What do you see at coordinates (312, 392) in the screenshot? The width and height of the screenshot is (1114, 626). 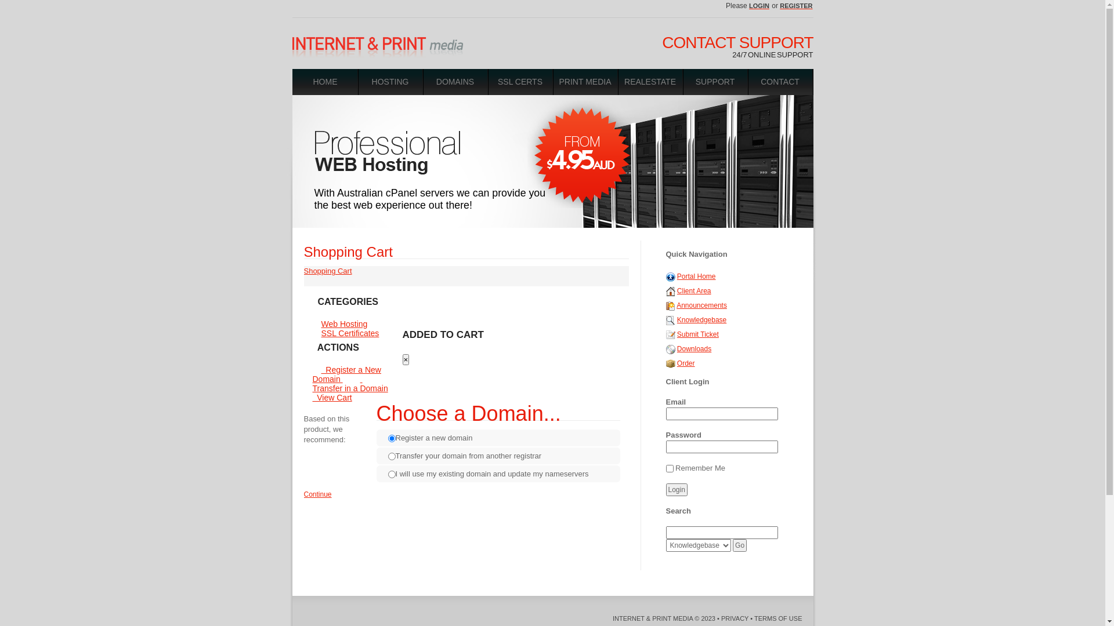 I see `'  View Cart'` at bounding box center [312, 392].